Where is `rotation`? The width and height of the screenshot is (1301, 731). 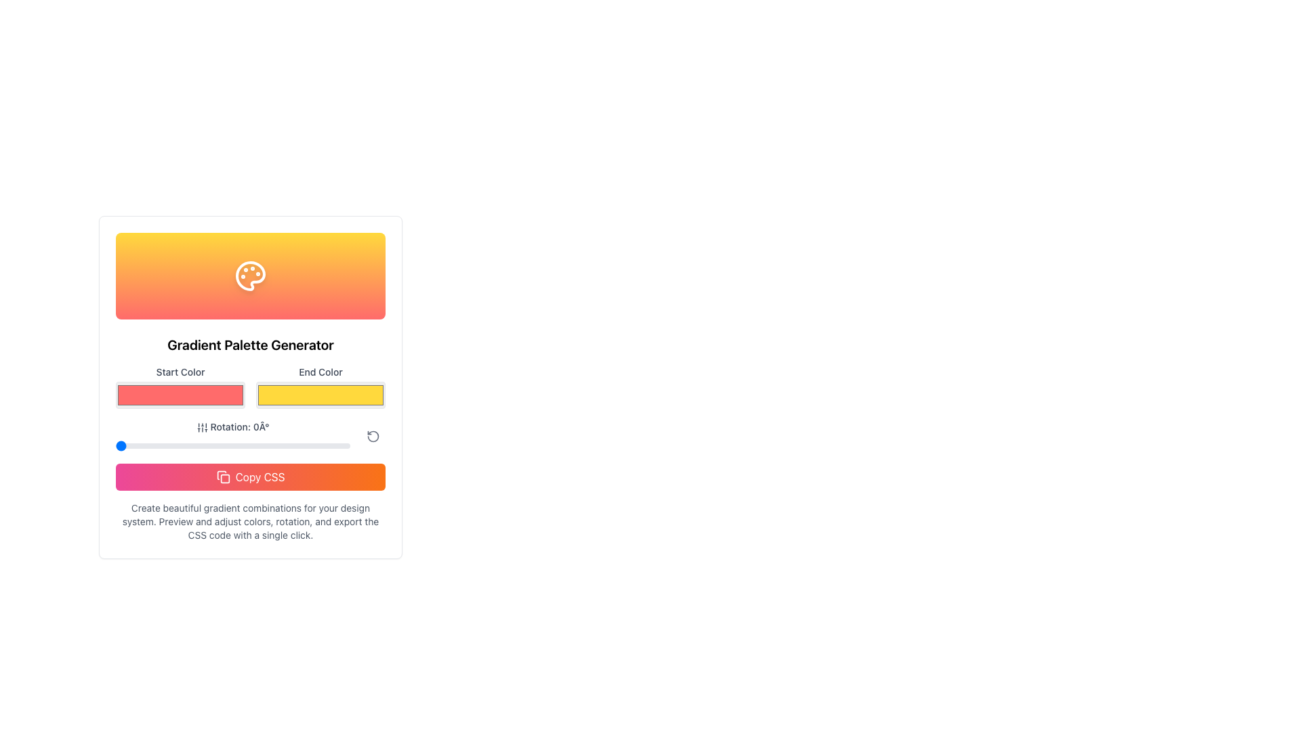
rotation is located at coordinates (334, 446).